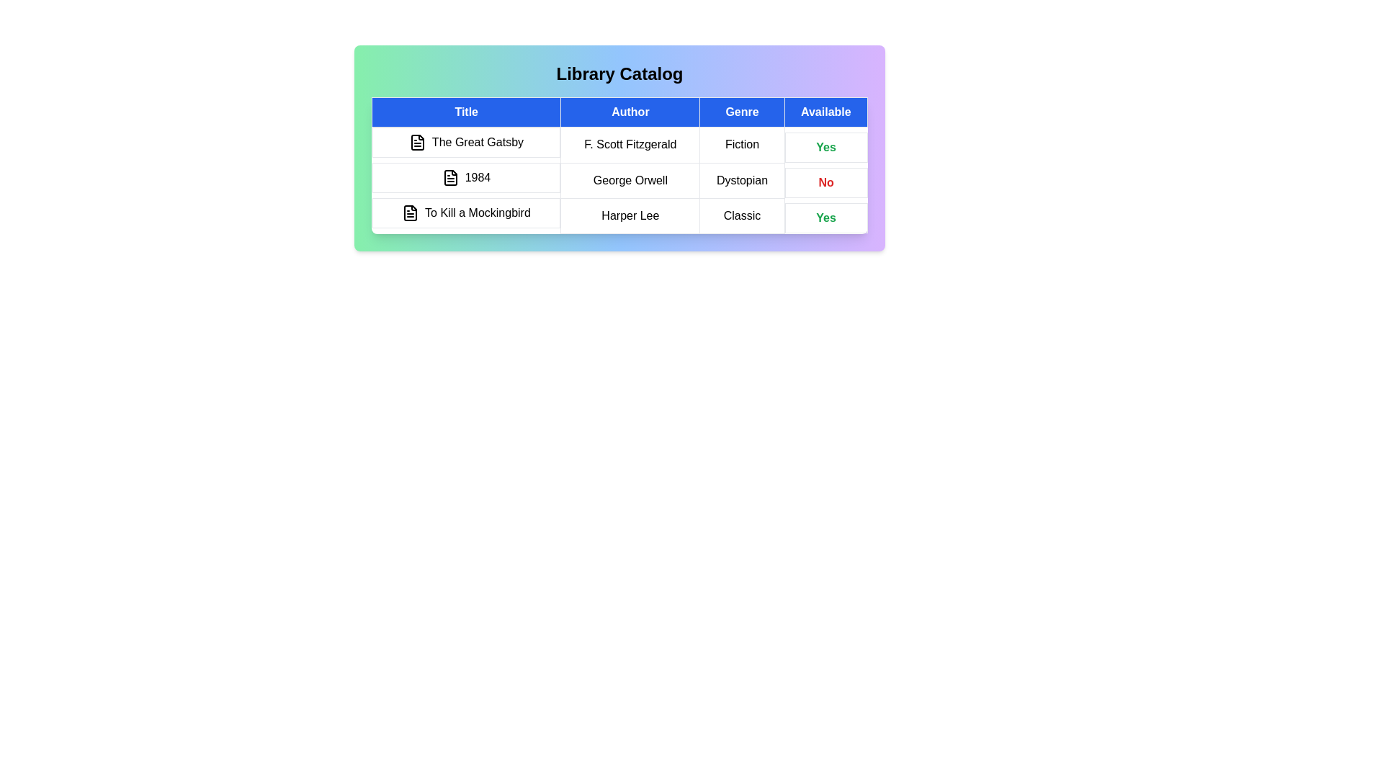 The height and width of the screenshot is (778, 1383). What do you see at coordinates (619, 179) in the screenshot?
I see `the row corresponding to the book '1984' in the table` at bounding box center [619, 179].